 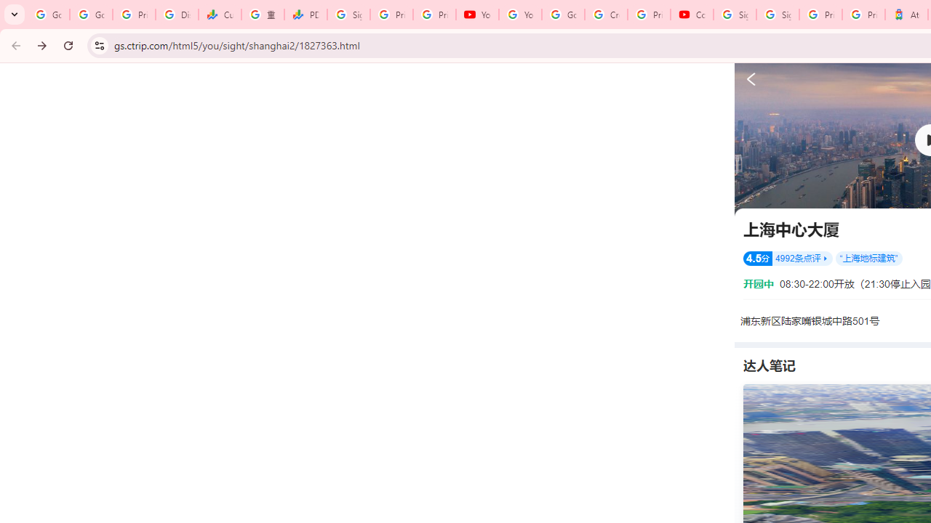 What do you see at coordinates (606, 15) in the screenshot?
I see `'Create your Google Account'` at bounding box center [606, 15].